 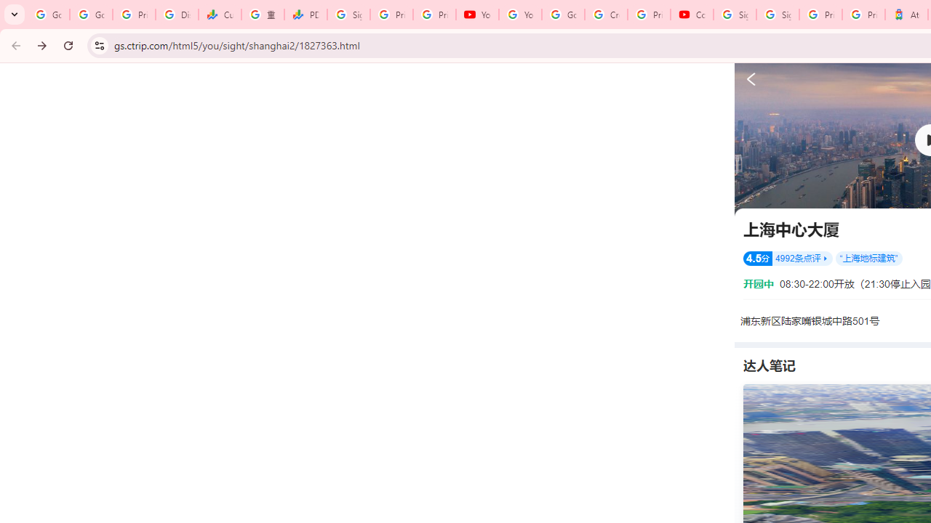 What do you see at coordinates (606, 15) in the screenshot?
I see `'Create your Google Account'` at bounding box center [606, 15].